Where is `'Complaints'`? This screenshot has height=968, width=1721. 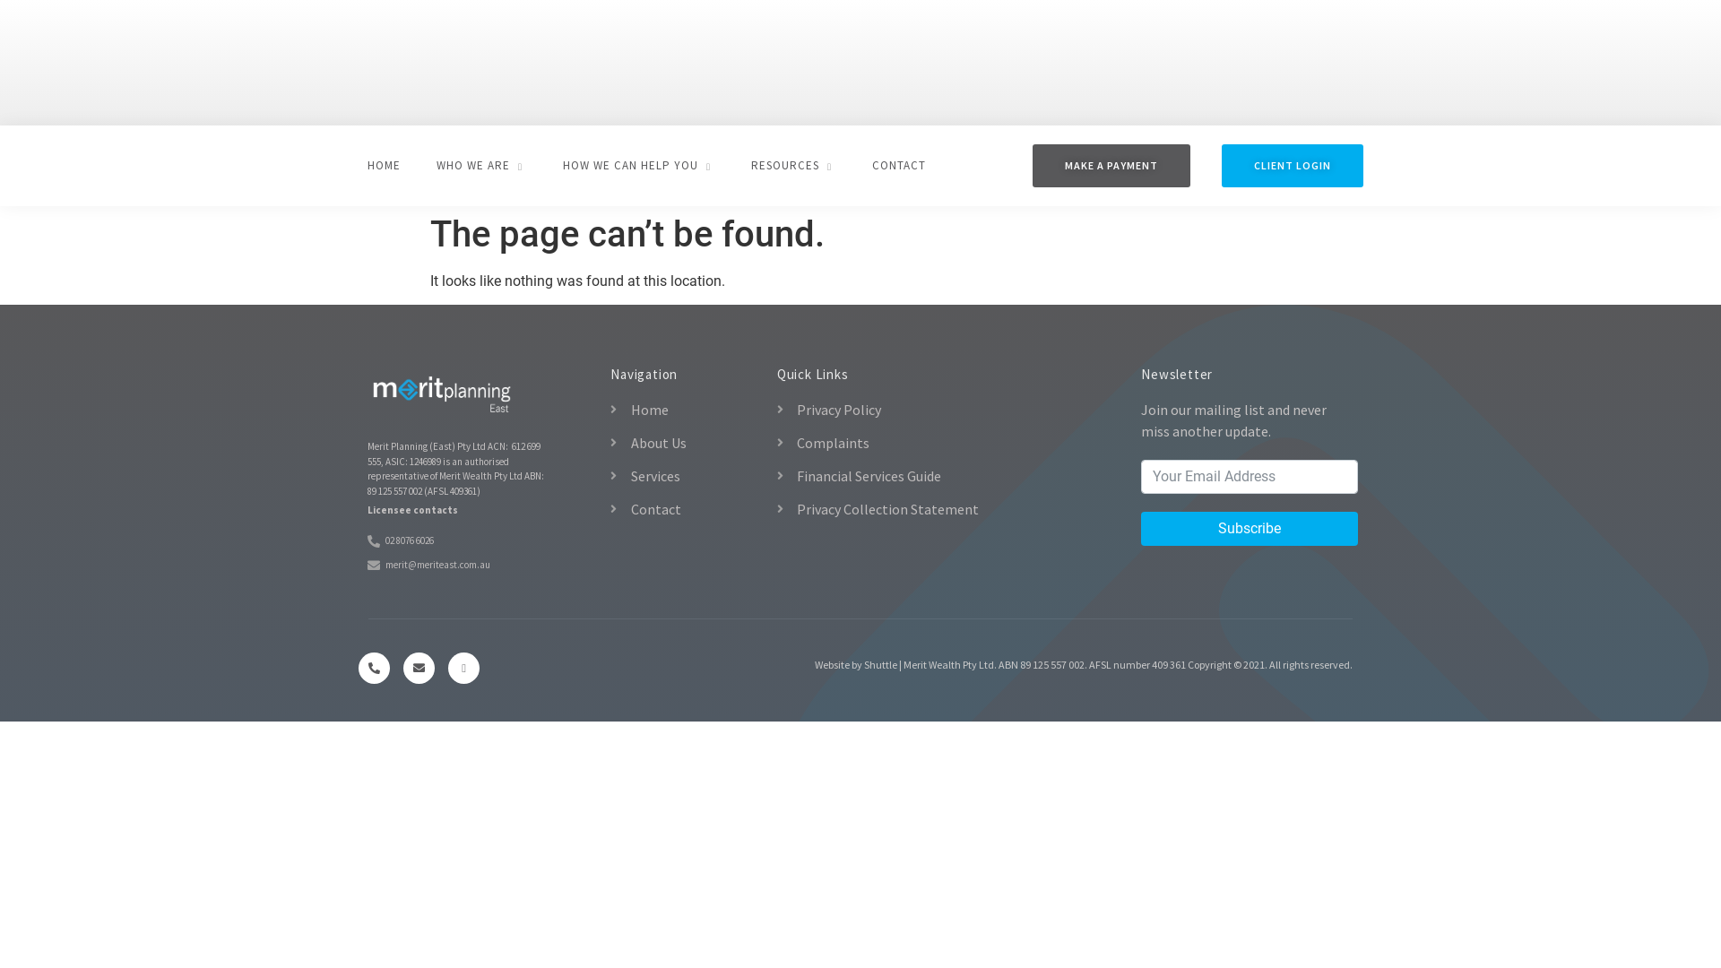
'Complaints' is located at coordinates (936, 442).